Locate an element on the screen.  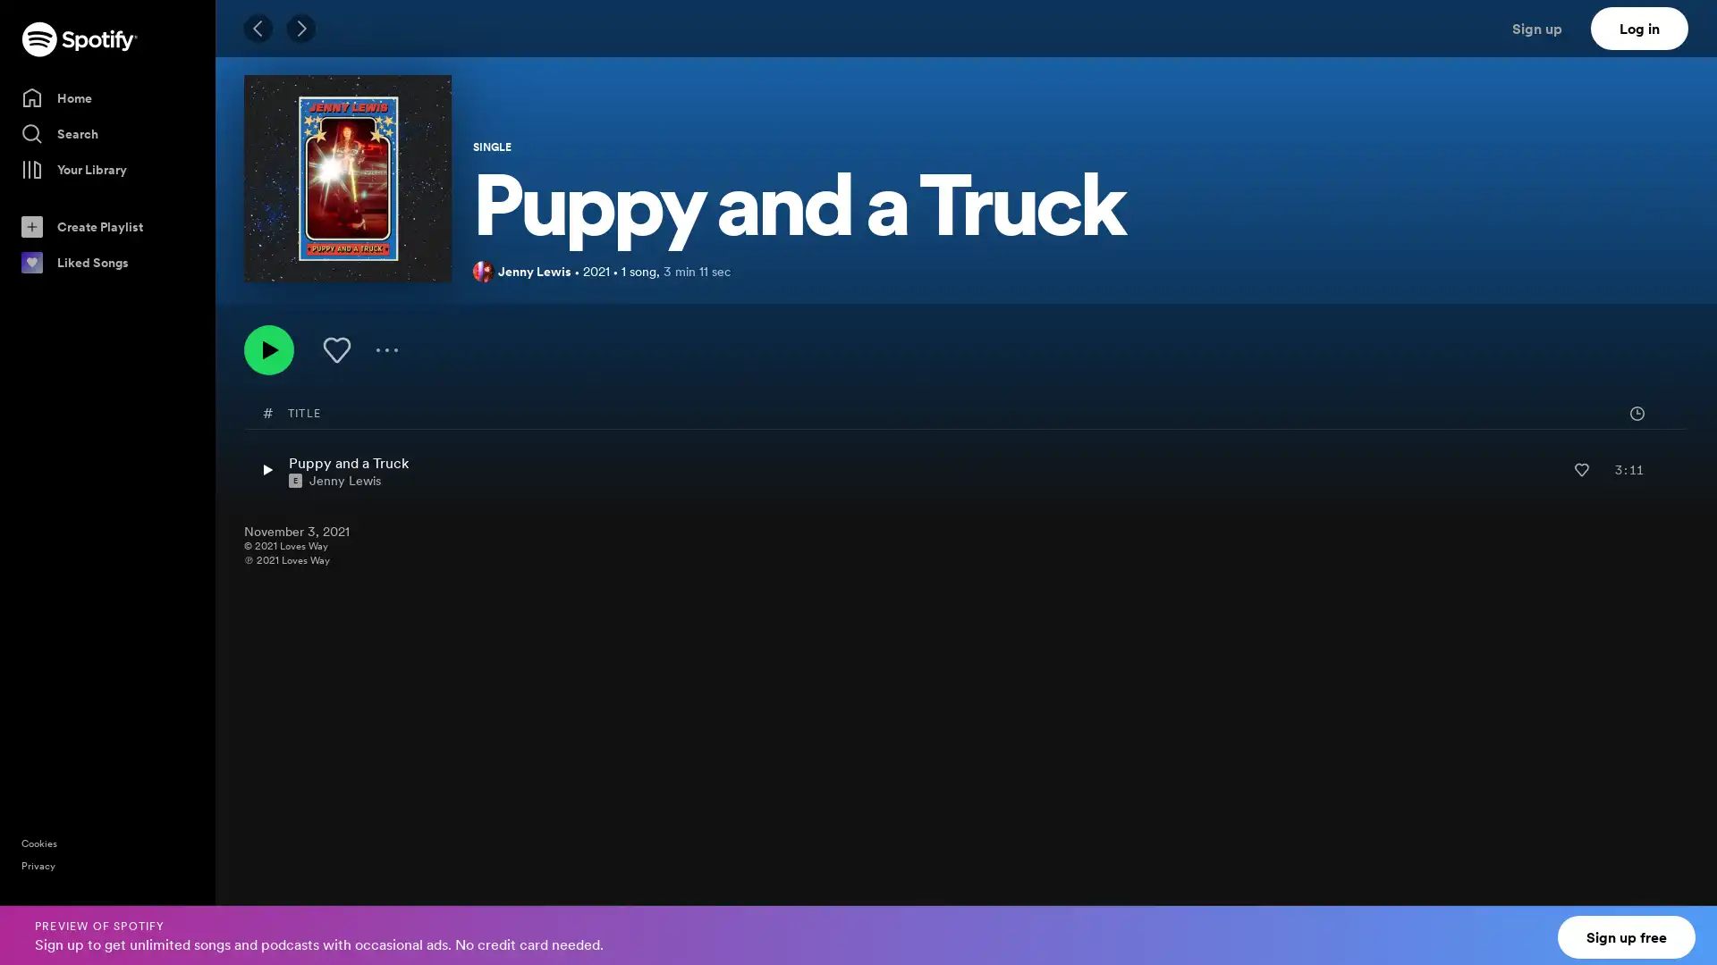
Close is located at coordinates (1687, 924).